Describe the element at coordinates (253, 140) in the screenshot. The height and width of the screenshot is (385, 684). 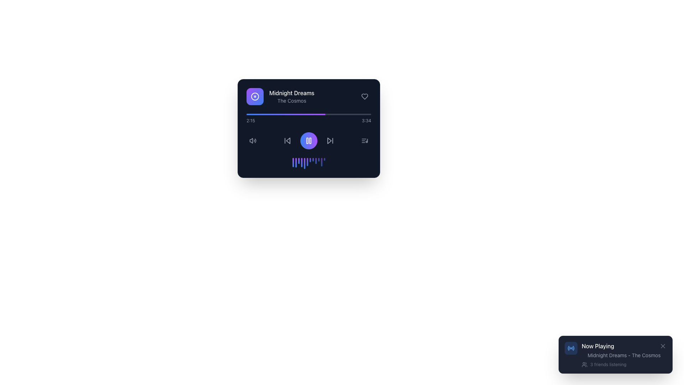
I see `the volume control button, which is a speaker icon with sound waves, located on the left side of the control panel` at that location.